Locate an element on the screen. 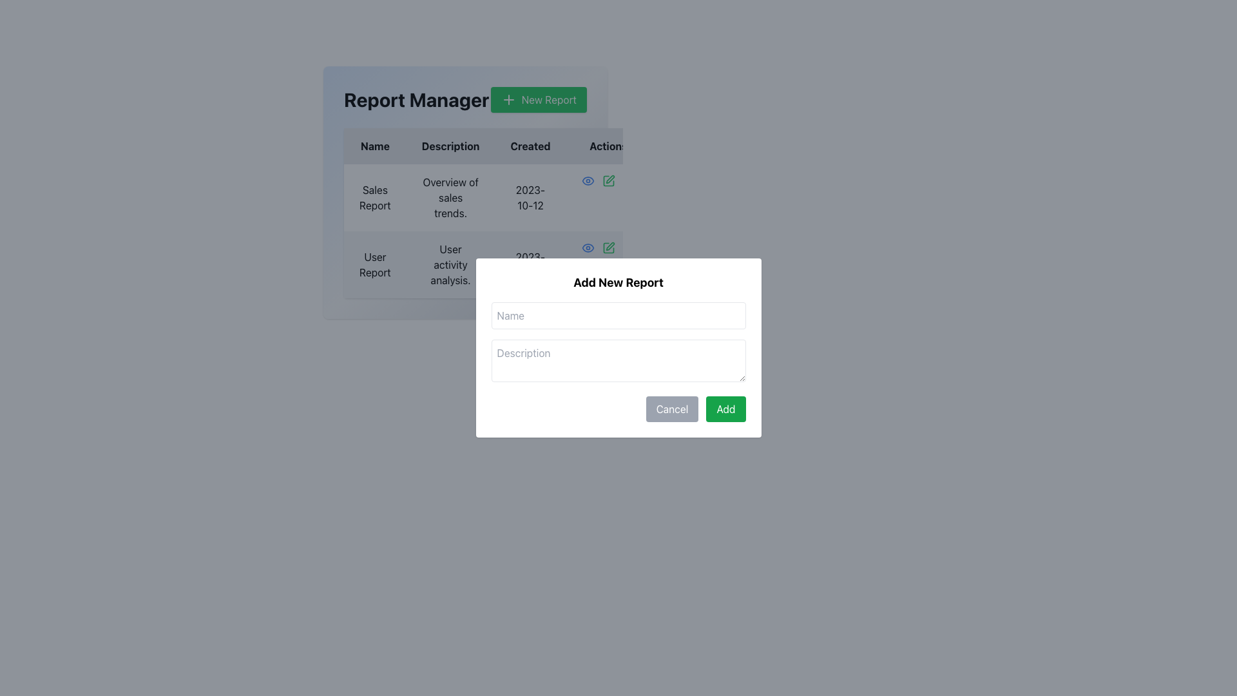  the first interactive icon in the action buttons for the 'Sales Report' row is located at coordinates (587, 181).